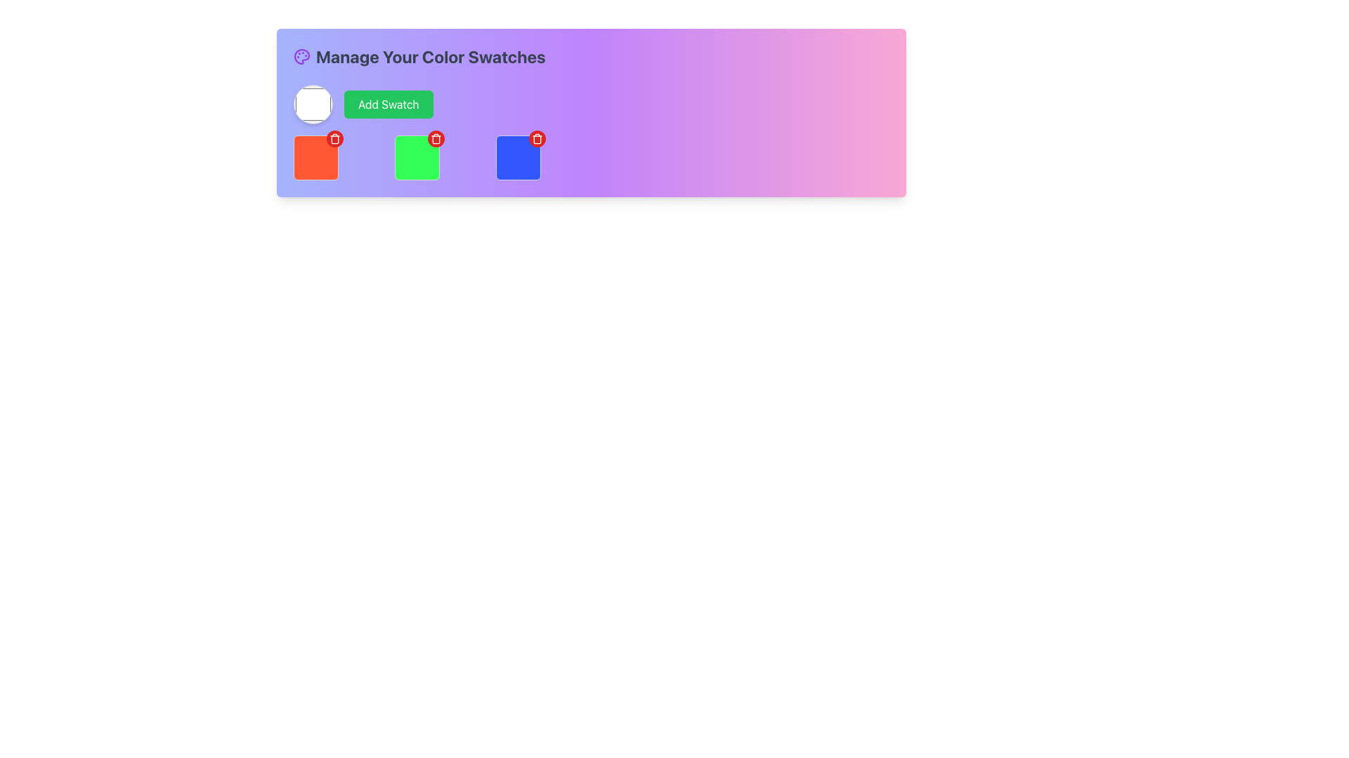 The width and height of the screenshot is (1349, 758). Describe the element at coordinates (536, 140) in the screenshot. I see `the trash-can icon located at the top-right of the blue square swatch` at that location.